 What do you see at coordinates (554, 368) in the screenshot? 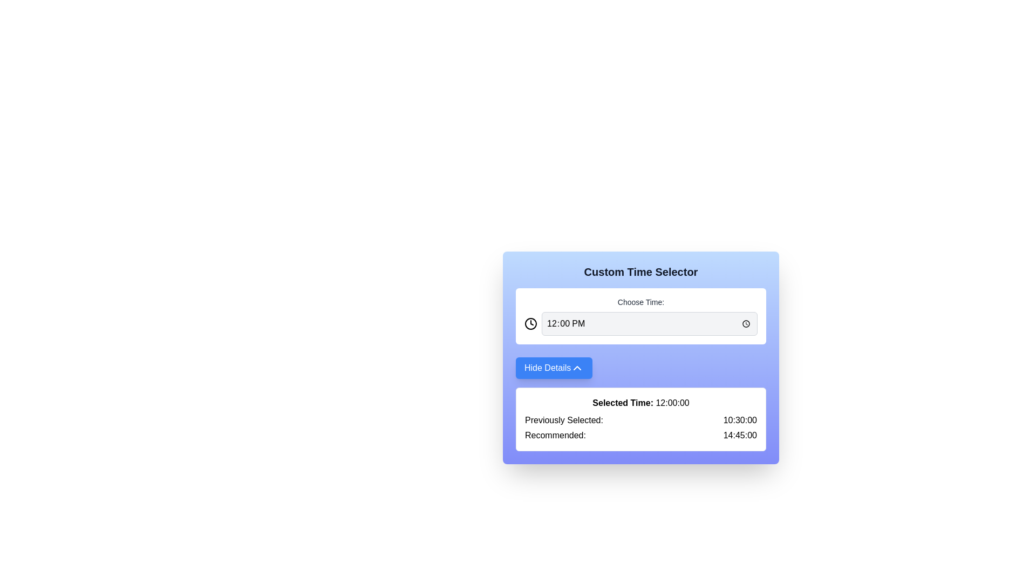
I see `the toggle button located below the 'Choose Time' section to change its background color` at bounding box center [554, 368].